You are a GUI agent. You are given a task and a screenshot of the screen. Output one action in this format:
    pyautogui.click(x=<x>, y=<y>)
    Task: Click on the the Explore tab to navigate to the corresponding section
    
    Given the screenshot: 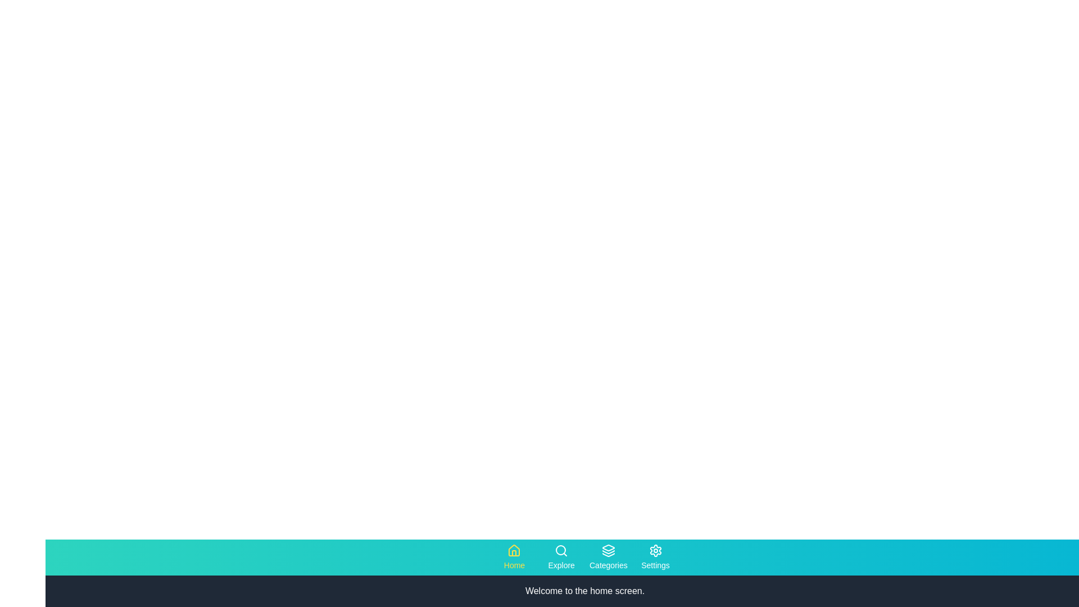 What is the action you would take?
    pyautogui.click(x=561, y=557)
    